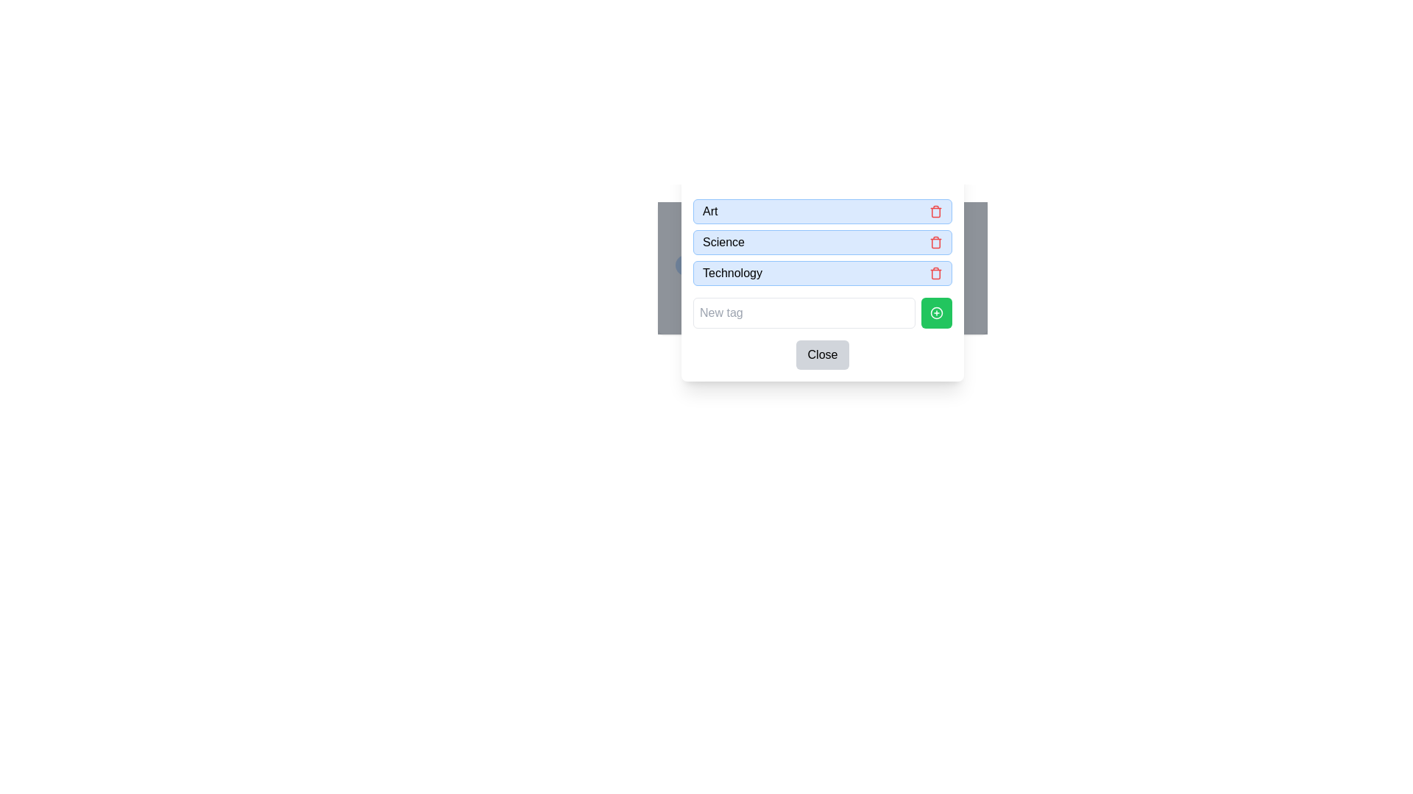 This screenshot has height=794, width=1413. I want to click on the delete button located to the far right of the 'Technology' label, so click(935, 273).